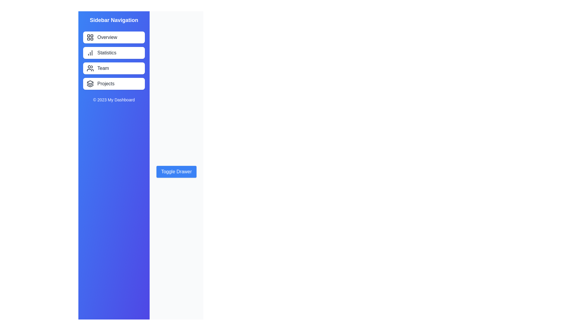  Describe the element at coordinates (114, 52) in the screenshot. I see `the sidebar menu item Statistics` at that location.